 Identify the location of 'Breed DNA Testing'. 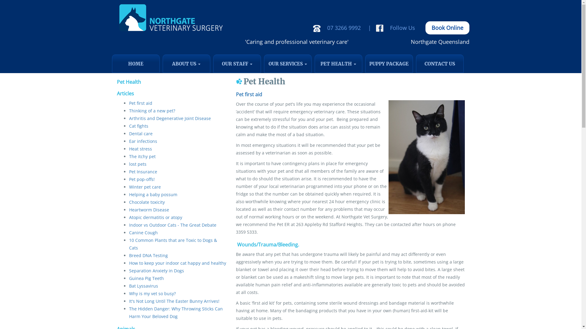
(148, 255).